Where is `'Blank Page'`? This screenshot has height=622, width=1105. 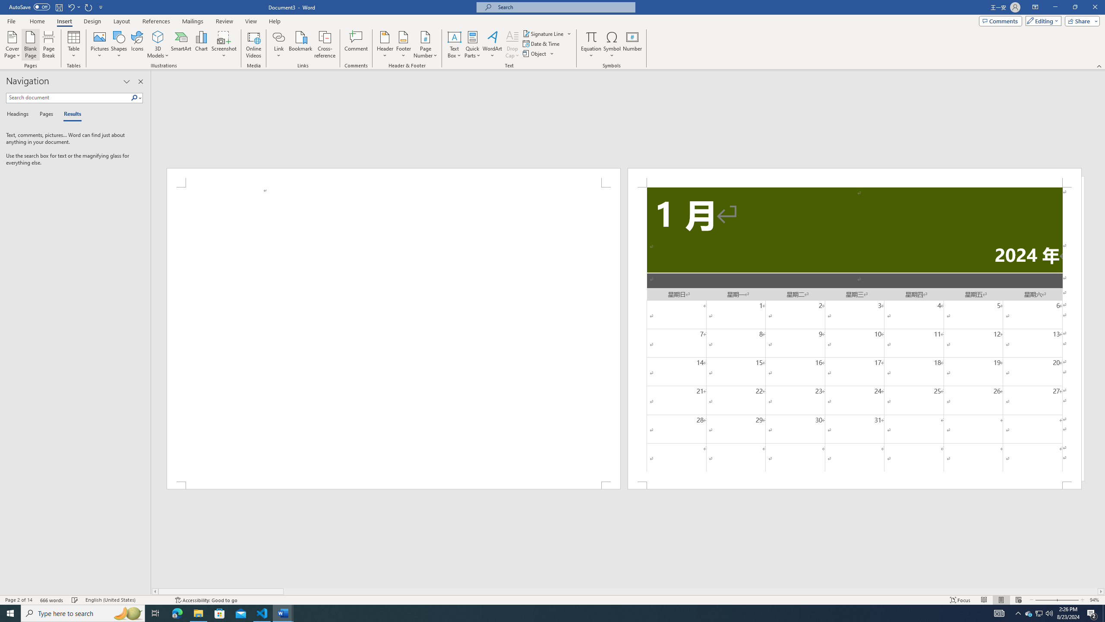
'Blank Page' is located at coordinates (30, 44).